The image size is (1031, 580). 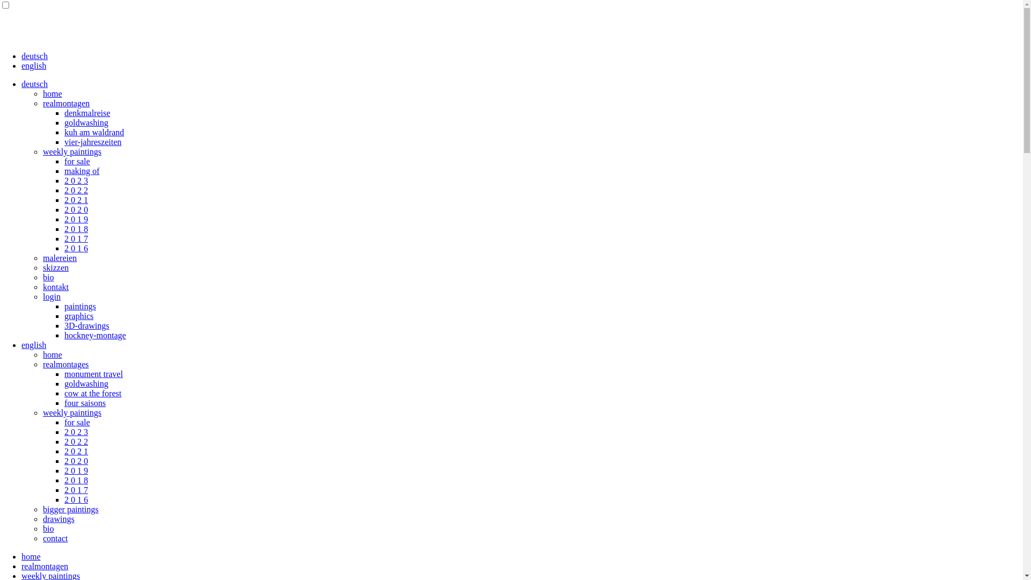 I want to click on 'contact', so click(x=54, y=538).